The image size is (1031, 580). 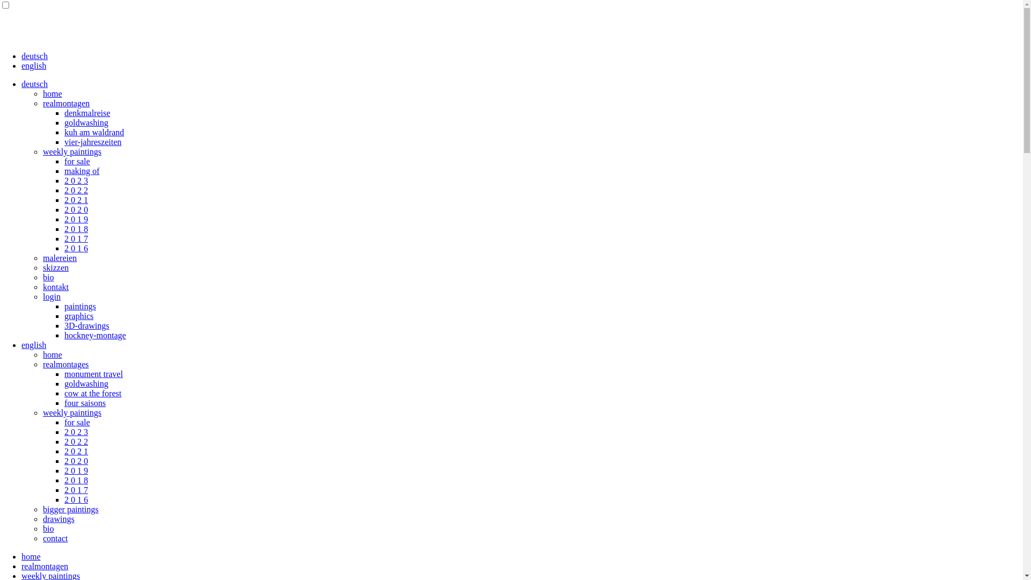 I want to click on 'contact', so click(x=54, y=538).